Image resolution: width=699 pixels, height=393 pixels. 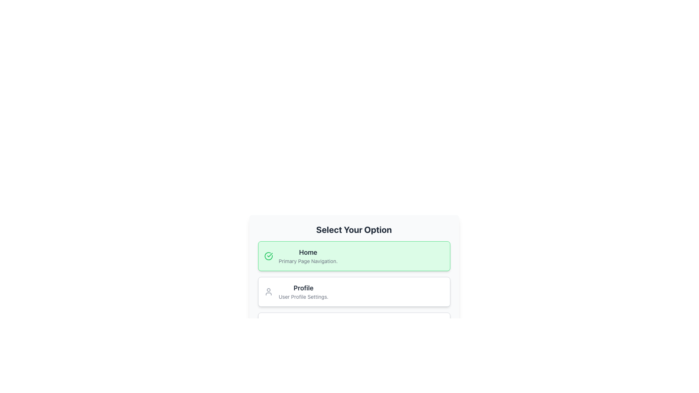 I want to click on the checkmark icon adjacent to the 'Home' menu item to interact with it, so click(x=269, y=255).